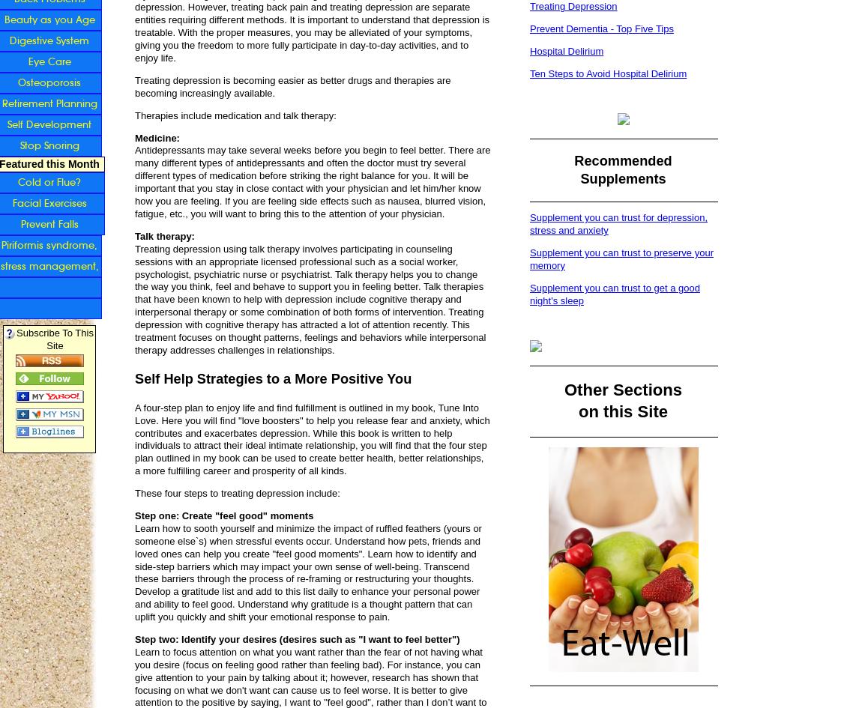  Describe the element at coordinates (572, 6) in the screenshot. I see `'Treating Depression'` at that location.